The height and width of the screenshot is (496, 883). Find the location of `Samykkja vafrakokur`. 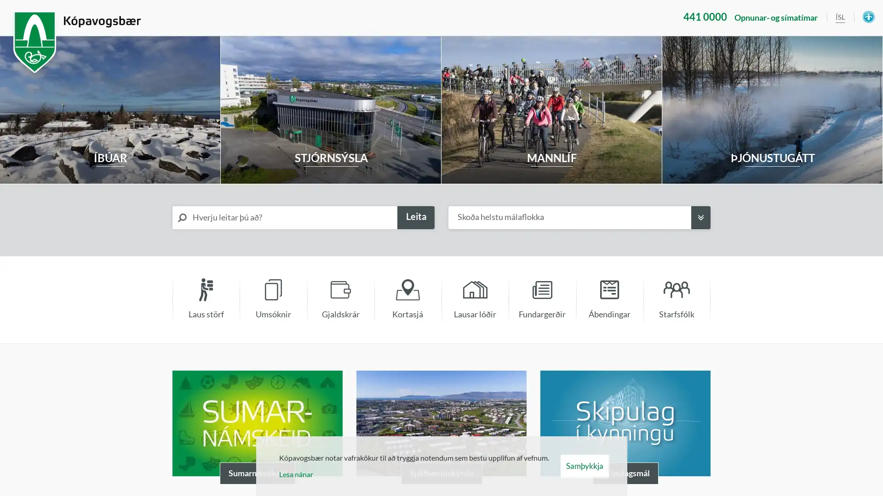

Samykkja vafrakokur is located at coordinates (584, 466).